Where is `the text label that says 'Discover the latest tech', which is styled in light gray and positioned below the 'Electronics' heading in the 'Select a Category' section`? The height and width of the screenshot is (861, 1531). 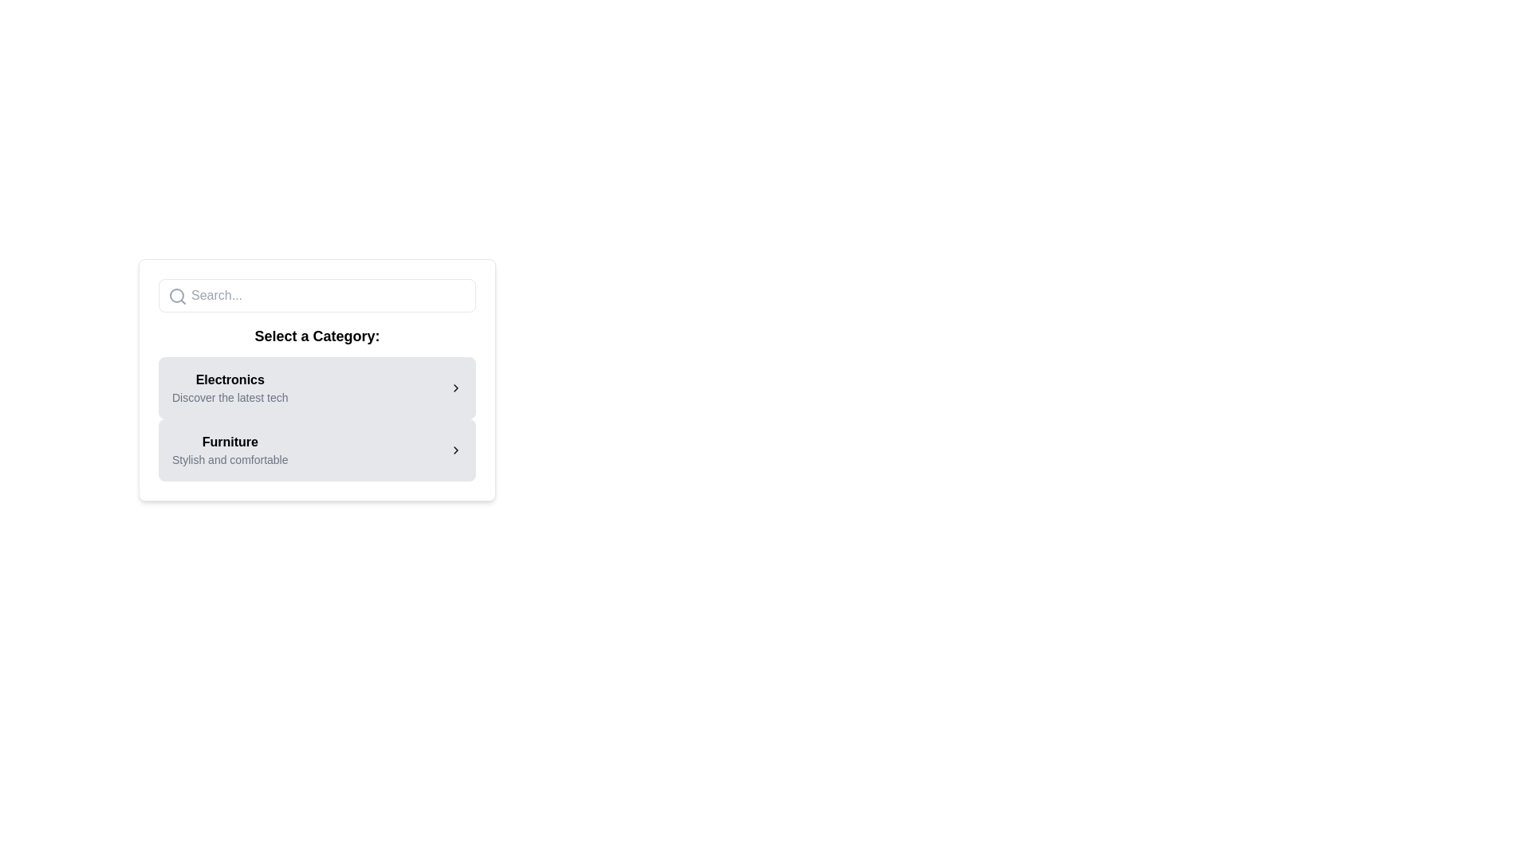
the text label that says 'Discover the latest tech', which is styled in light gray and positioned below the 'Electronics' heading in the 'Select a Category' section is located at coordinates (229, 396).